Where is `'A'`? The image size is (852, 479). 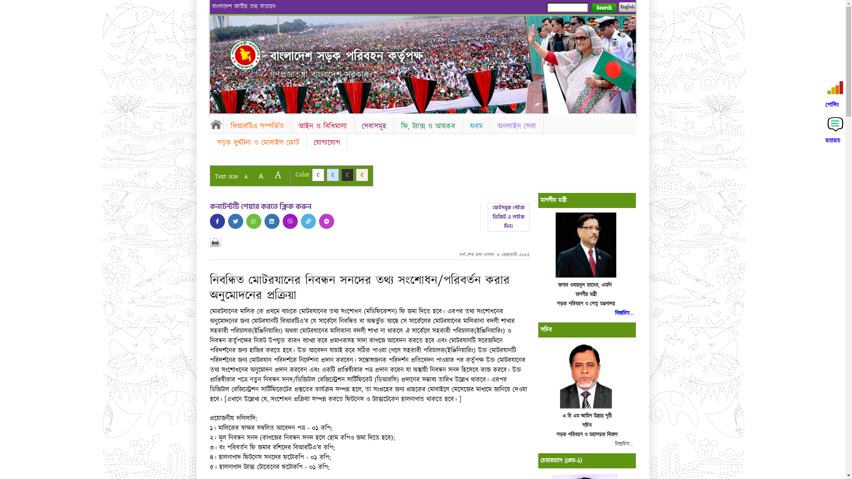
'A' is located at coordinates (260, 176).